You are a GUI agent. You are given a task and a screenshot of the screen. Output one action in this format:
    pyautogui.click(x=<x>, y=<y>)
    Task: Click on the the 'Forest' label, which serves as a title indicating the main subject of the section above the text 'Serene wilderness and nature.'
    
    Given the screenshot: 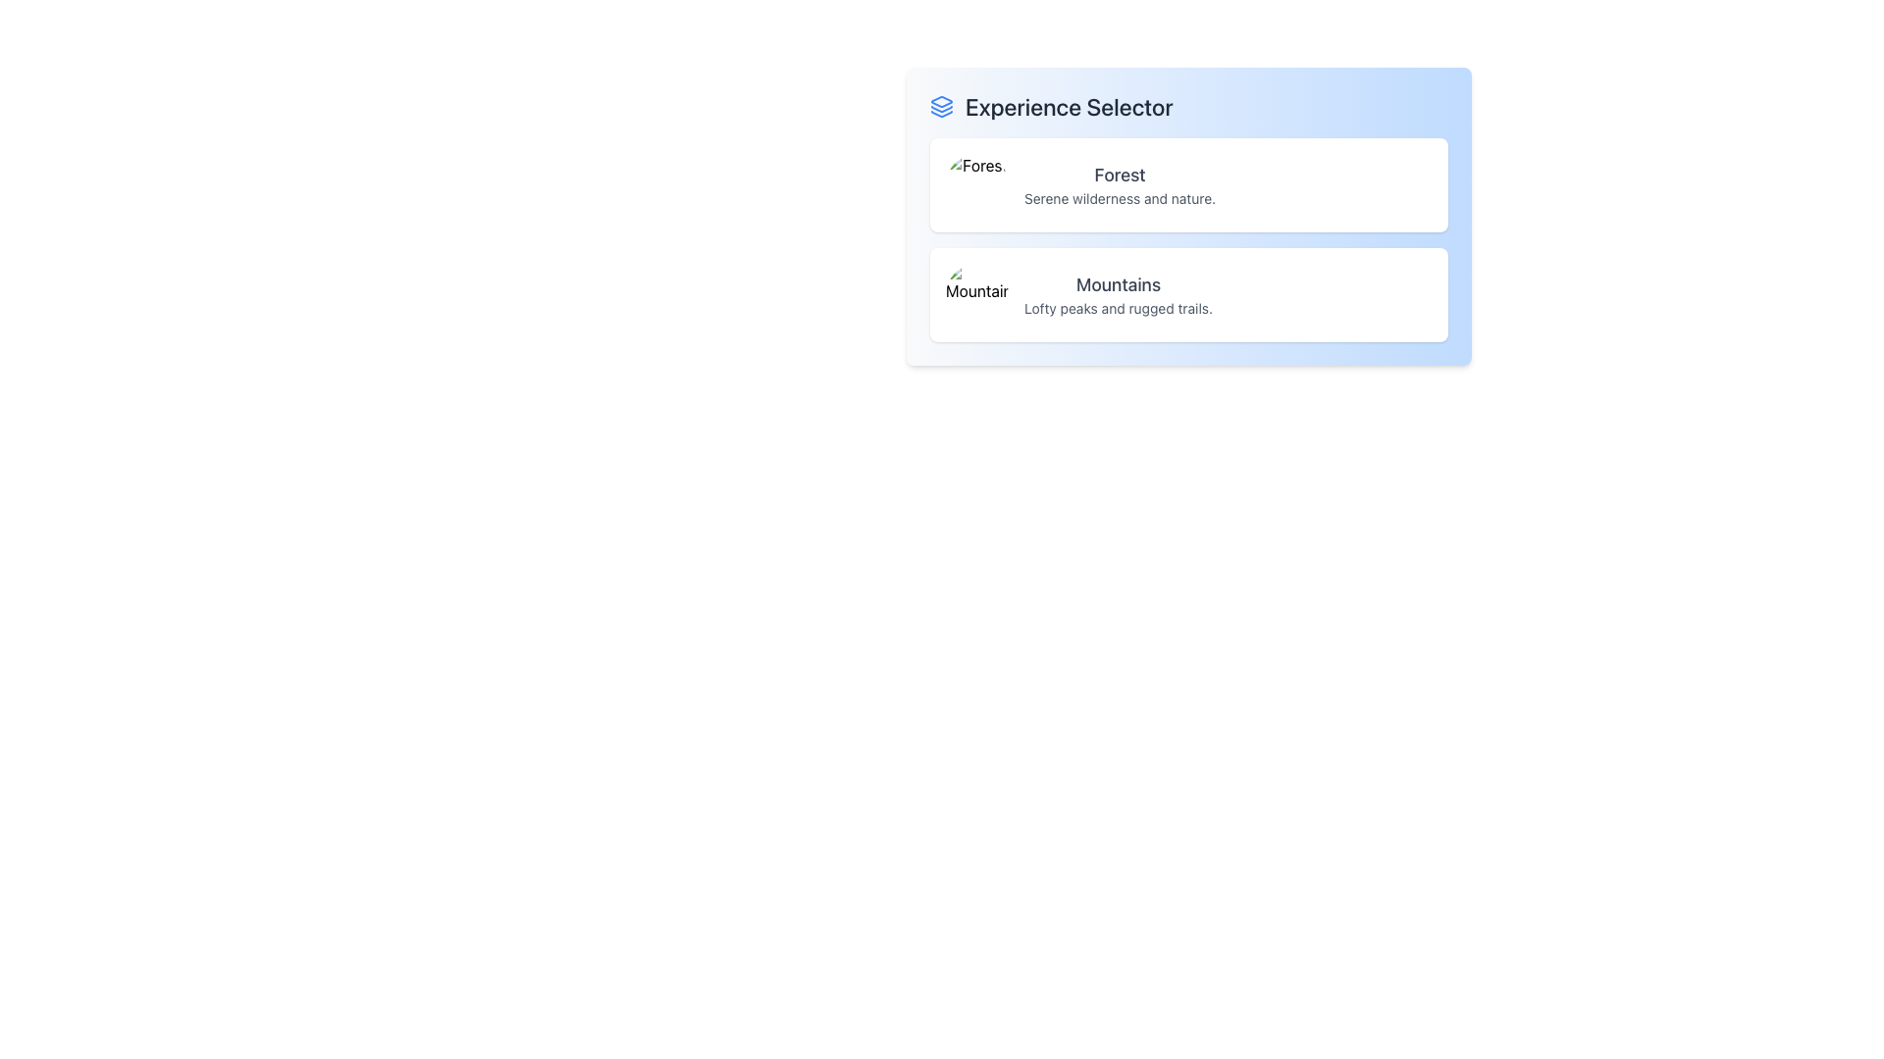 What is the action you would take?
    pyautogui.click(x=1120, y=174)
    